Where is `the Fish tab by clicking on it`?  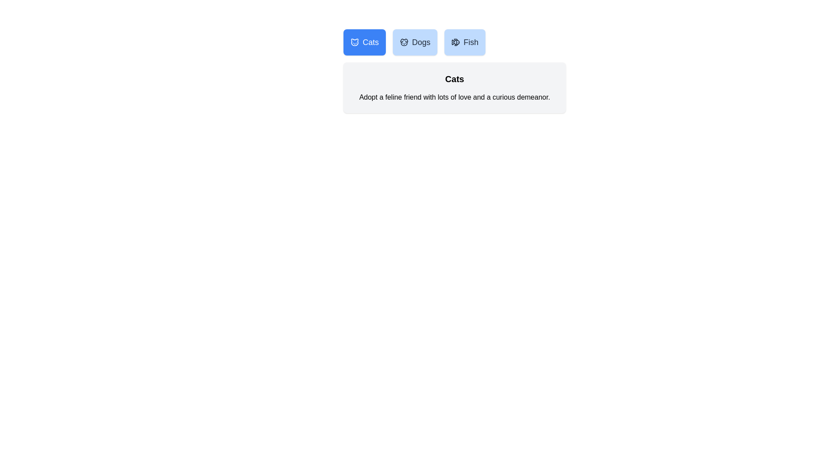 the Fish tab by clicking on it is located at coordinates (465, 42).